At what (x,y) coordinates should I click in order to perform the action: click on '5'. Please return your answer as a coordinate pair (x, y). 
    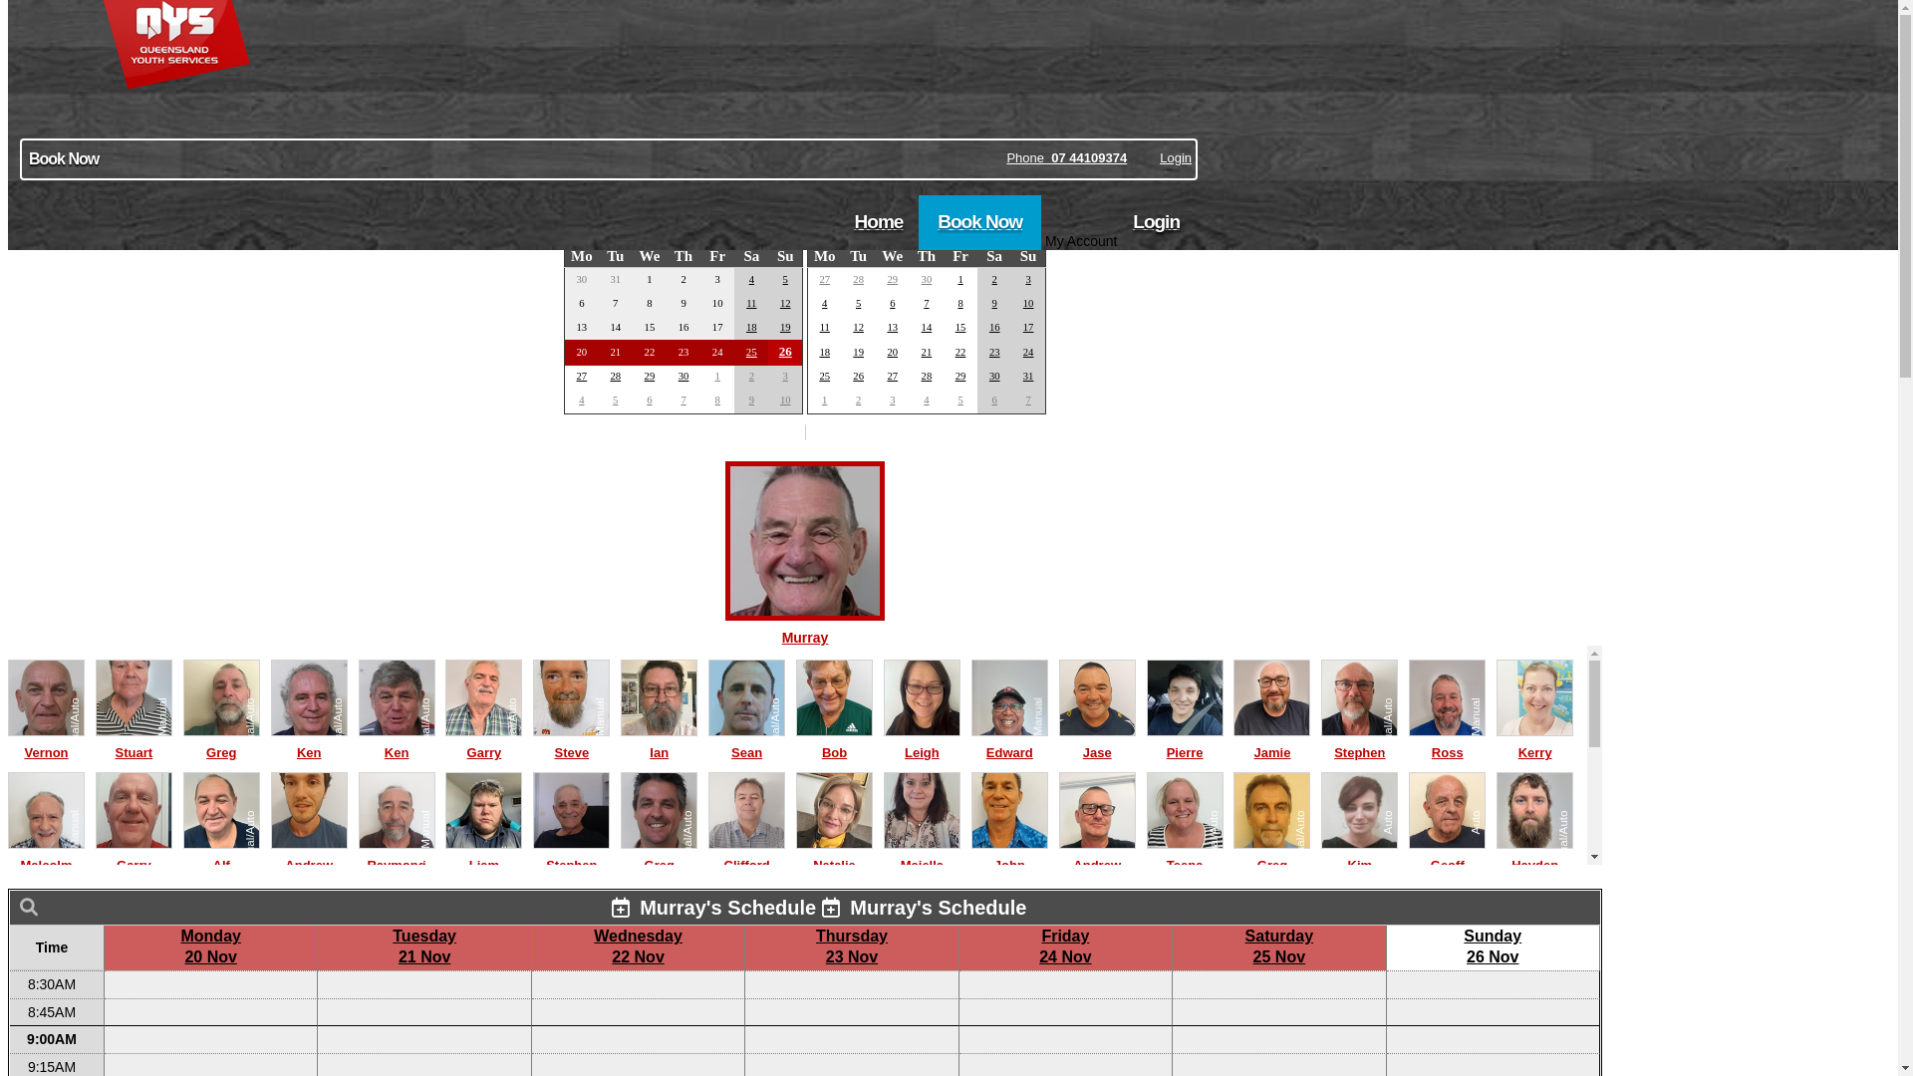
    Looking at the image, I should click on (784, 278).